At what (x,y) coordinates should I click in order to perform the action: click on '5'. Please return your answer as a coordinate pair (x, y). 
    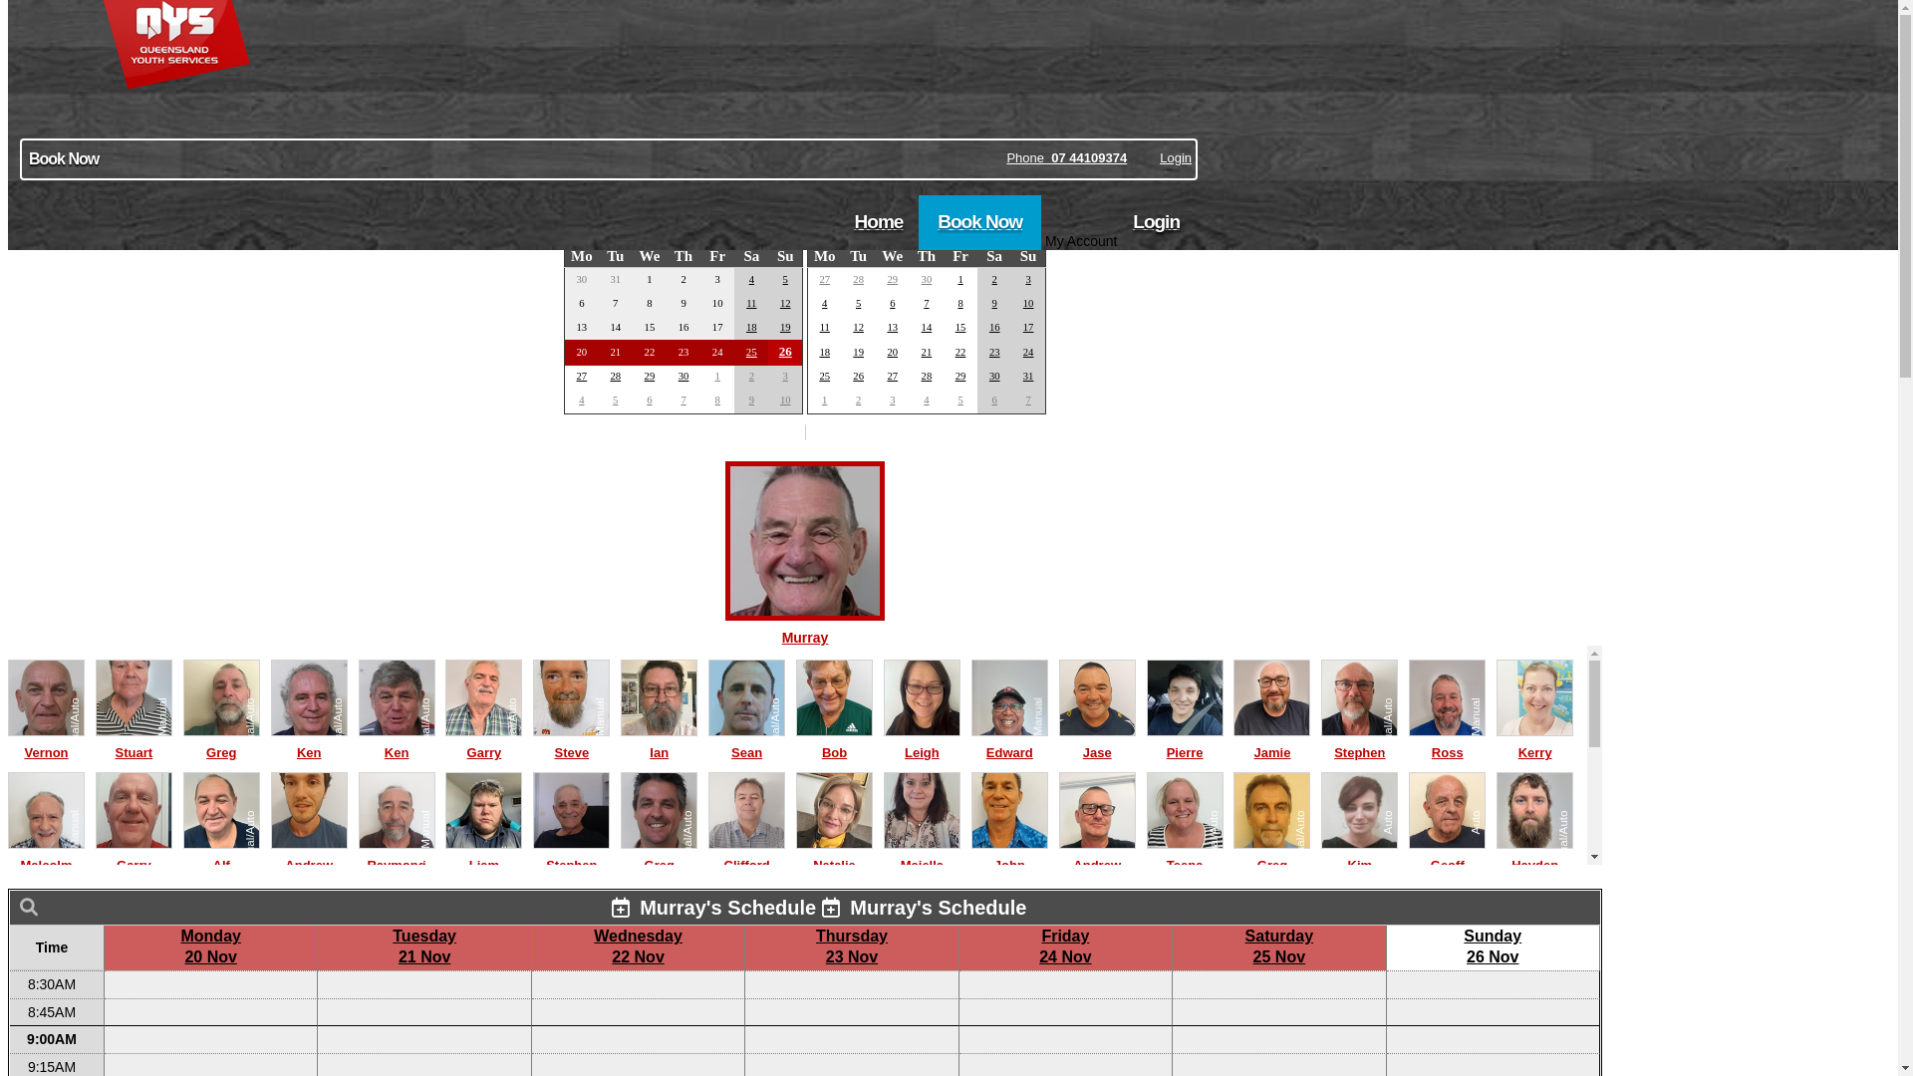
    Looking at the image, I should click on (784, 278).